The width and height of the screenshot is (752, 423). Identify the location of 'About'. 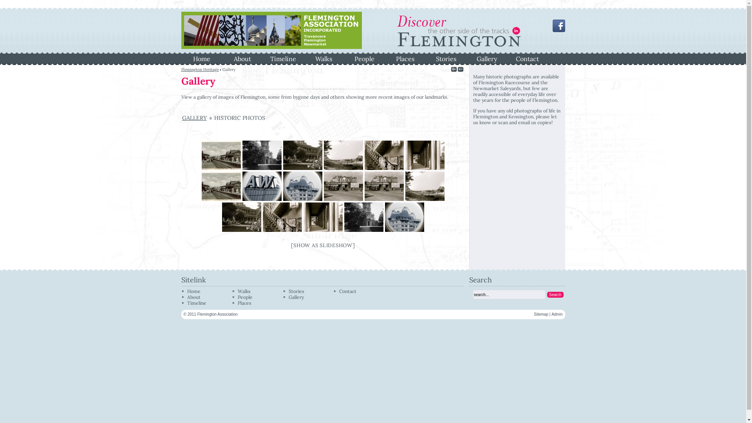
(233, 58).